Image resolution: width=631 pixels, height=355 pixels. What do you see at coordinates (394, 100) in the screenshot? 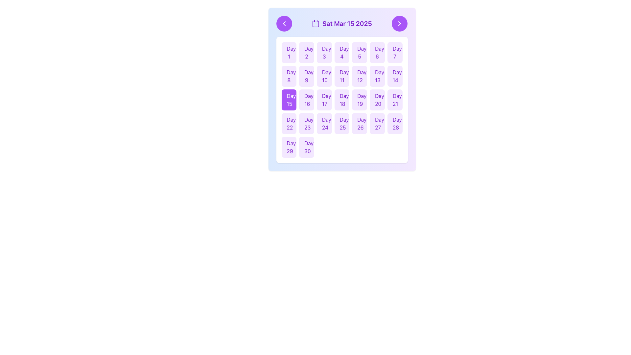
I see `the selectable date button located in the sixth row and seventh column of the calendar interface` at bounding box center [394, 100].